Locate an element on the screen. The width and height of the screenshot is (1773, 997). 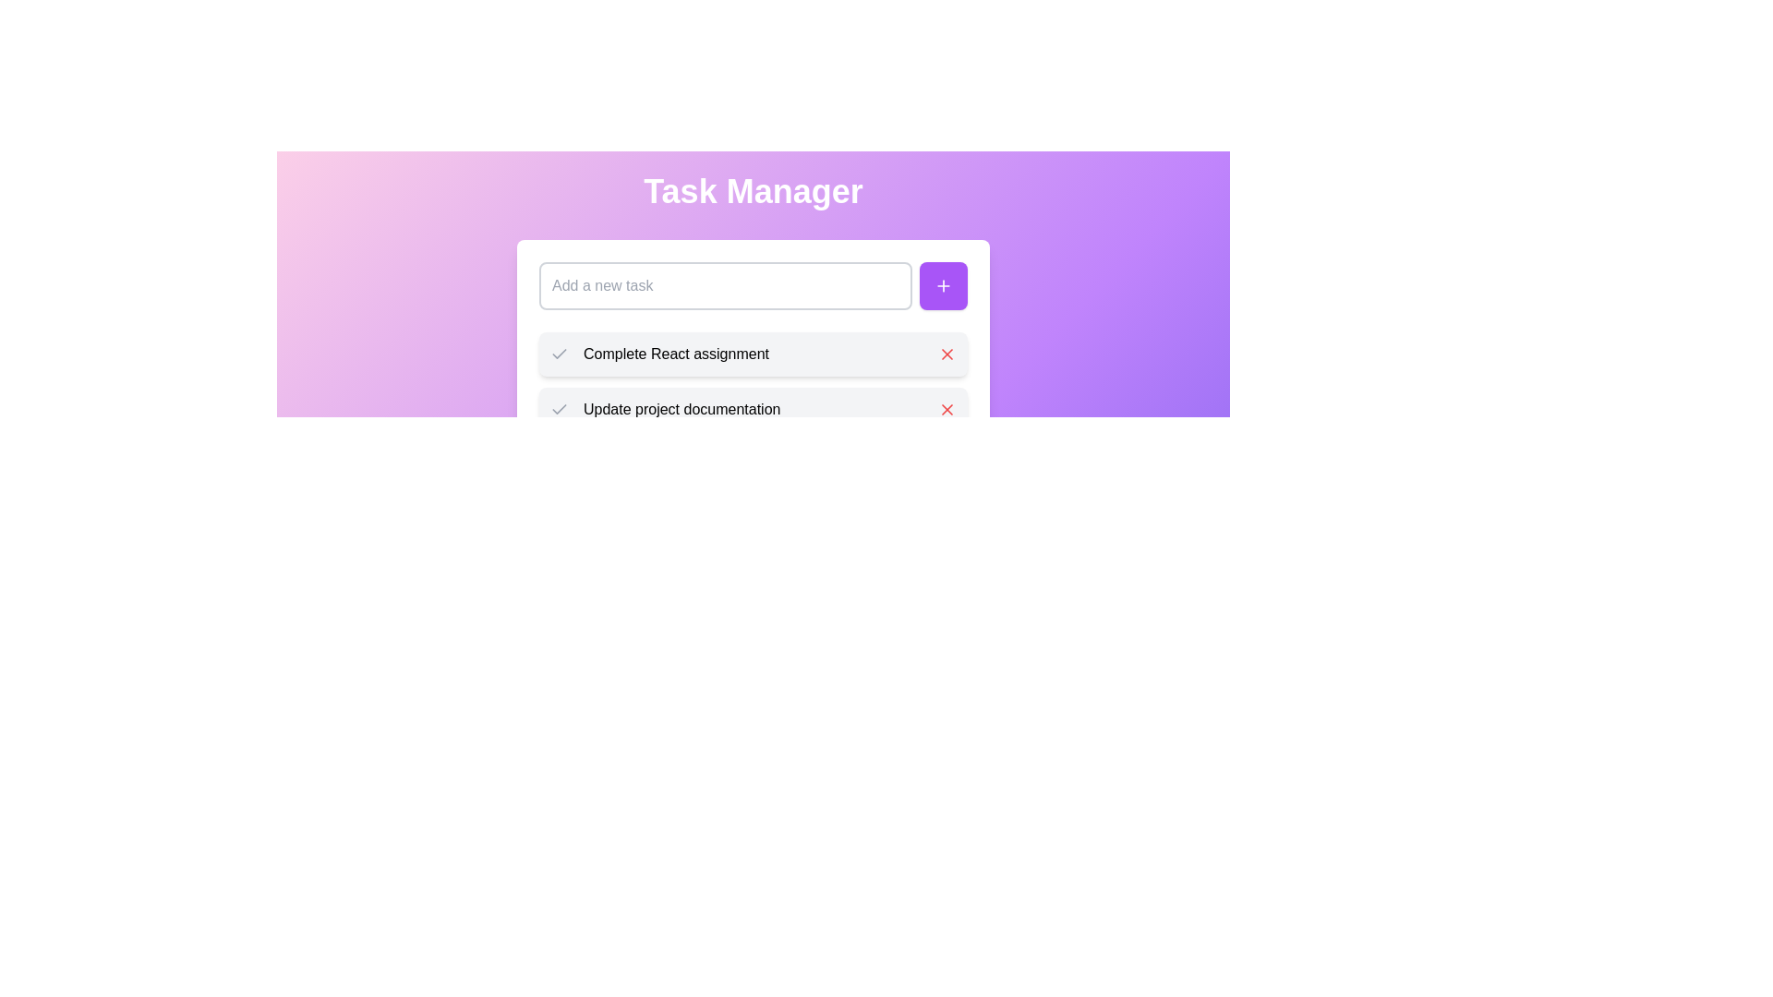
the button containing the SVG plus icon located near the top-right corner of the task input box is located at coordinates (944, 285).